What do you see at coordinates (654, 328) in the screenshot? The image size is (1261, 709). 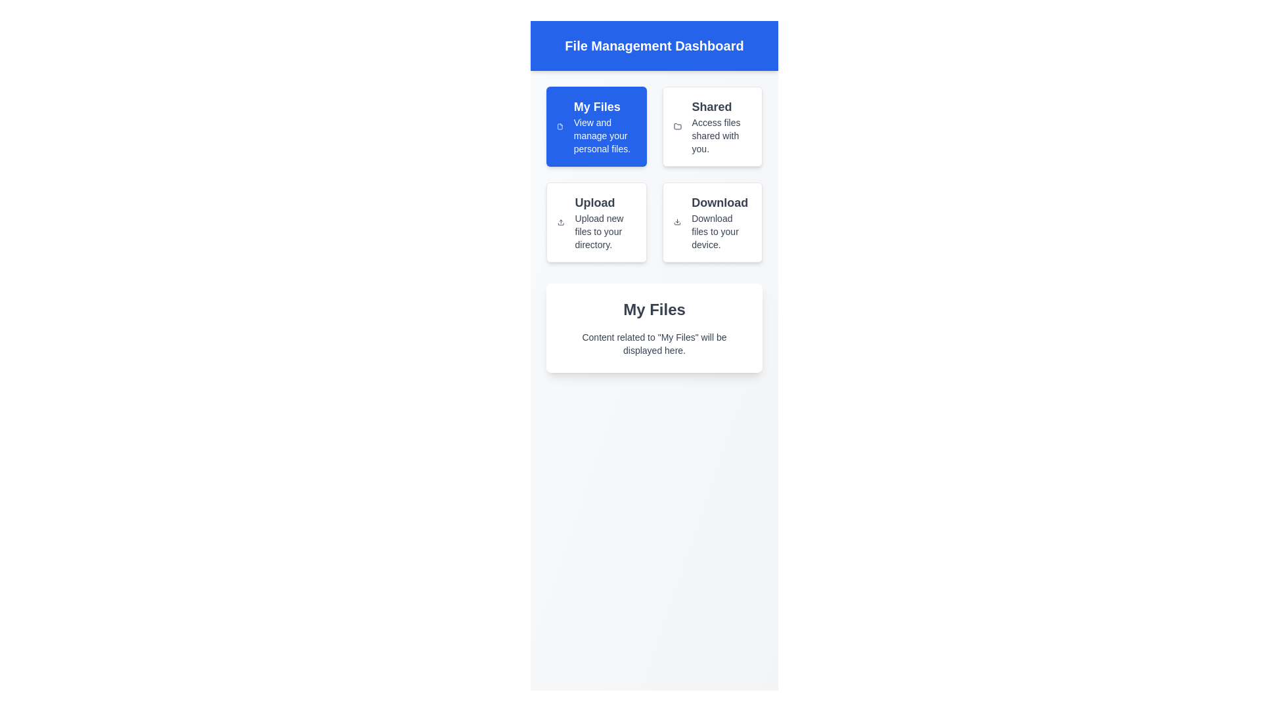 I see `textual content of the card titled 'My Files' located at the bottom section of the interface` at bounding box center [654, 328].